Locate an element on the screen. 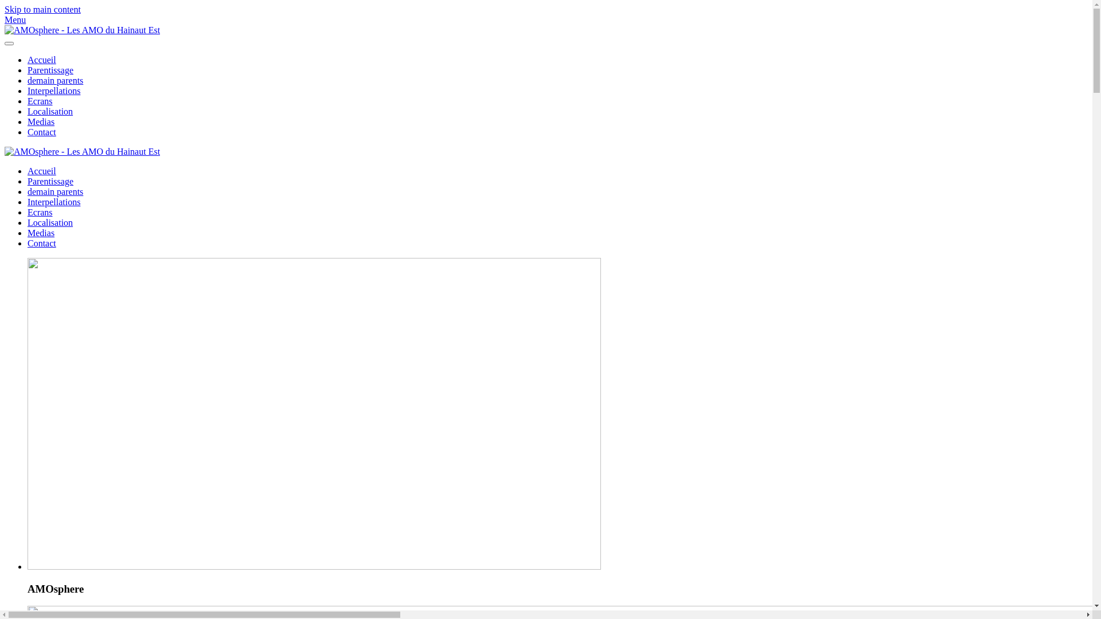  'Accueil' is located at coordinates (41, 60).